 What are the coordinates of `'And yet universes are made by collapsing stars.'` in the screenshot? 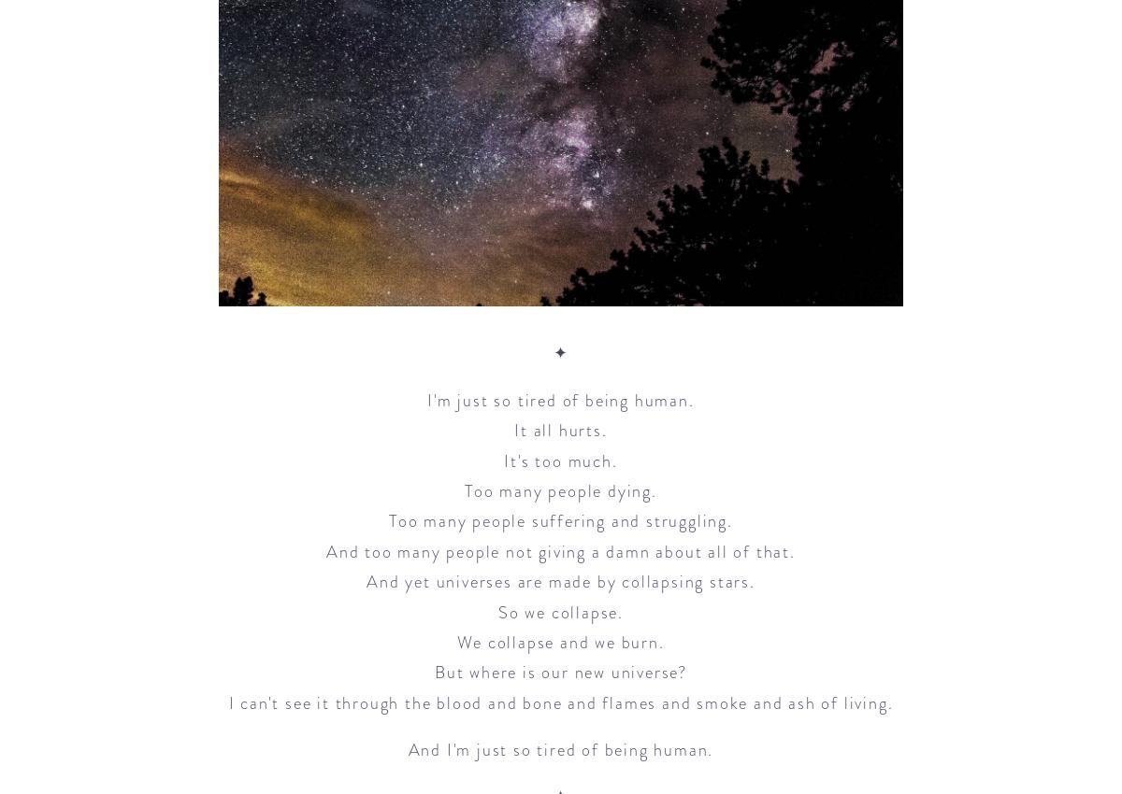 It's located at (559, 580).